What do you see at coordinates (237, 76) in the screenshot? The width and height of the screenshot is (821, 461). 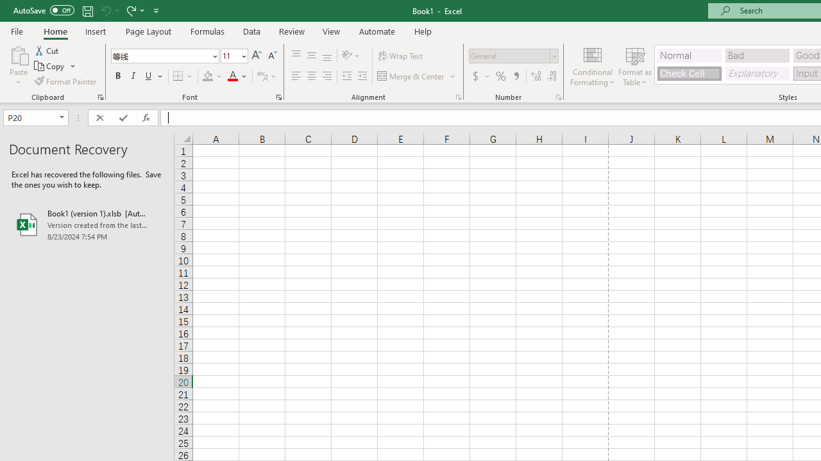 I see `'Font Color'` at bounding box center [237, 76].